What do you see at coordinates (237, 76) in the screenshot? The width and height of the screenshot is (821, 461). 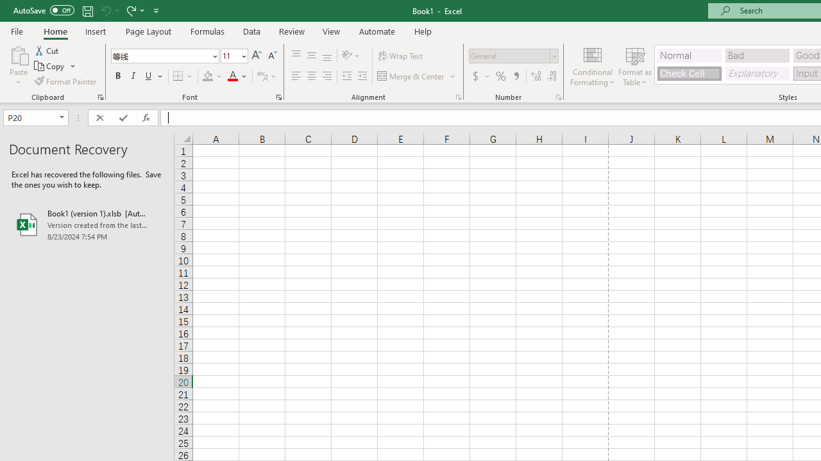 I see `'Font Color'` at bounding box center [237, 76].